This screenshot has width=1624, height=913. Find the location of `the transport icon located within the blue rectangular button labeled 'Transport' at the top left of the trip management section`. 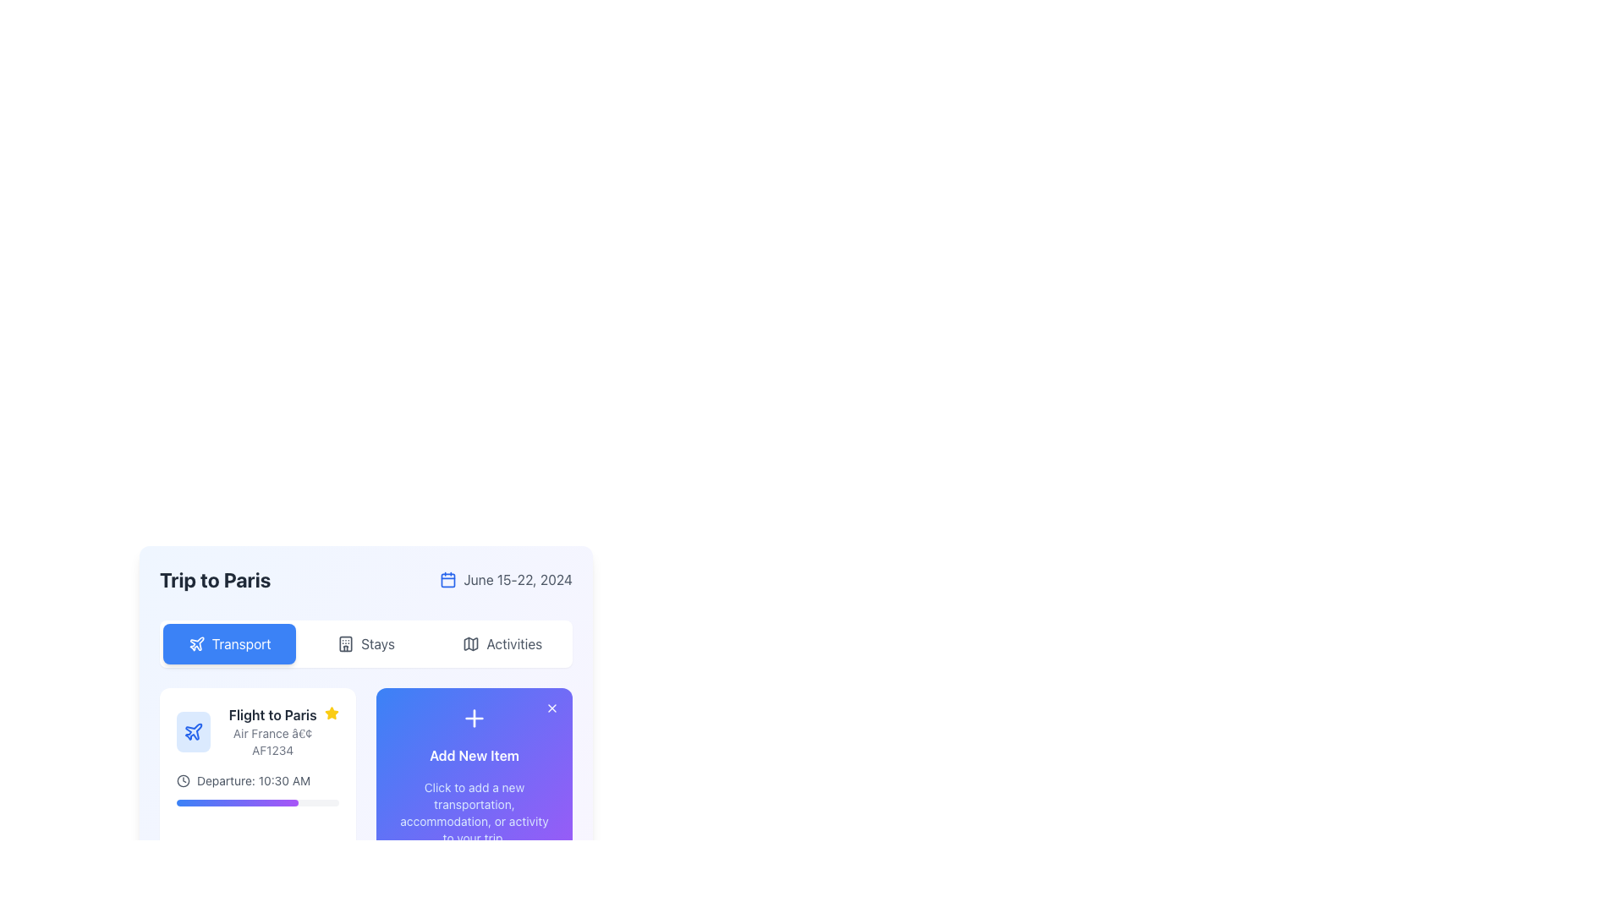

the transport icon located within the blue rectangular button labeled 'Transport' at the top left of the trip management section is located at coordinates (196, 644).